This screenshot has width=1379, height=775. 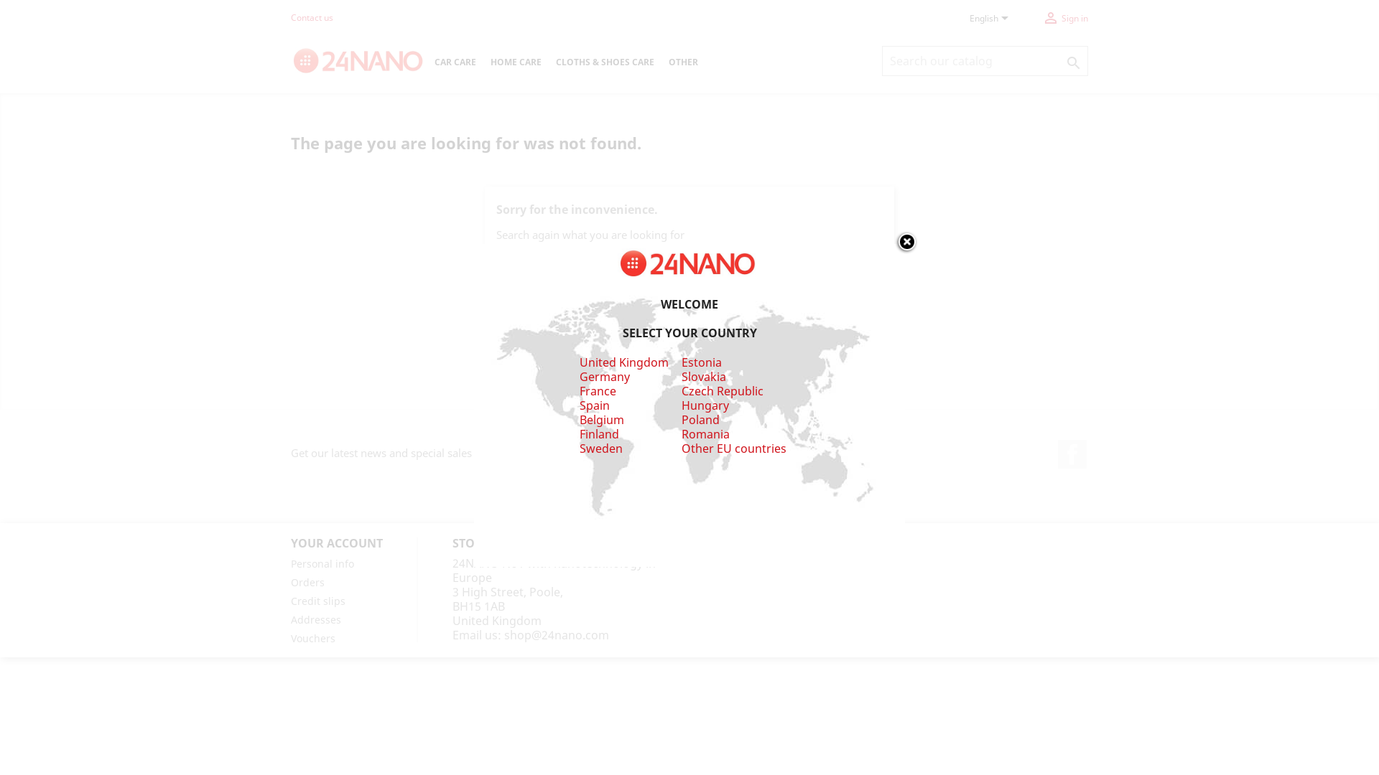 I want to click on 'Belgium', so click(x=600, y=420).